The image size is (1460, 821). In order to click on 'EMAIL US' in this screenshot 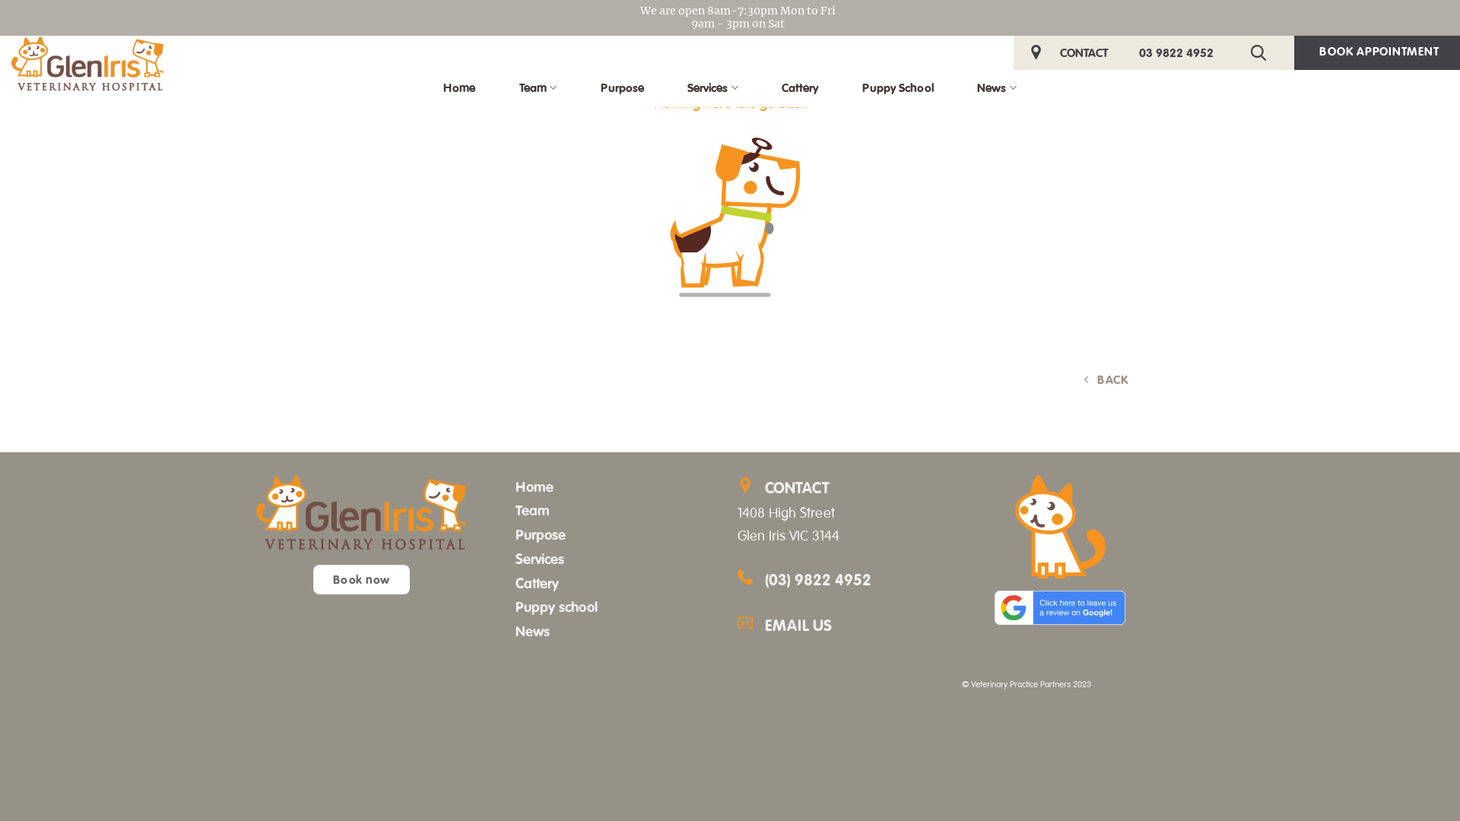, I will do `click(853, 626)`.